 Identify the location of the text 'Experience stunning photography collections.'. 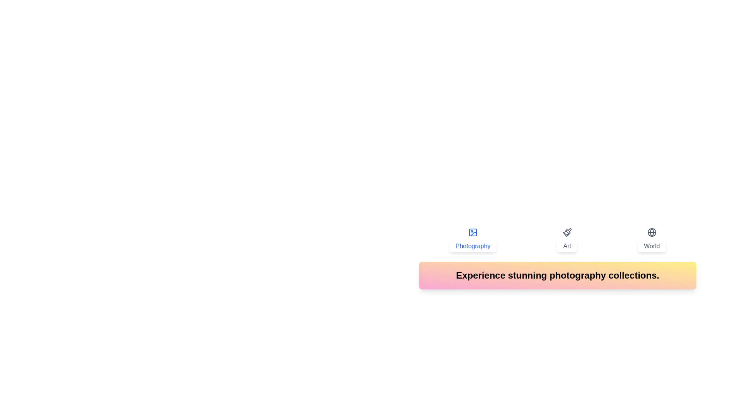
(558, 275).